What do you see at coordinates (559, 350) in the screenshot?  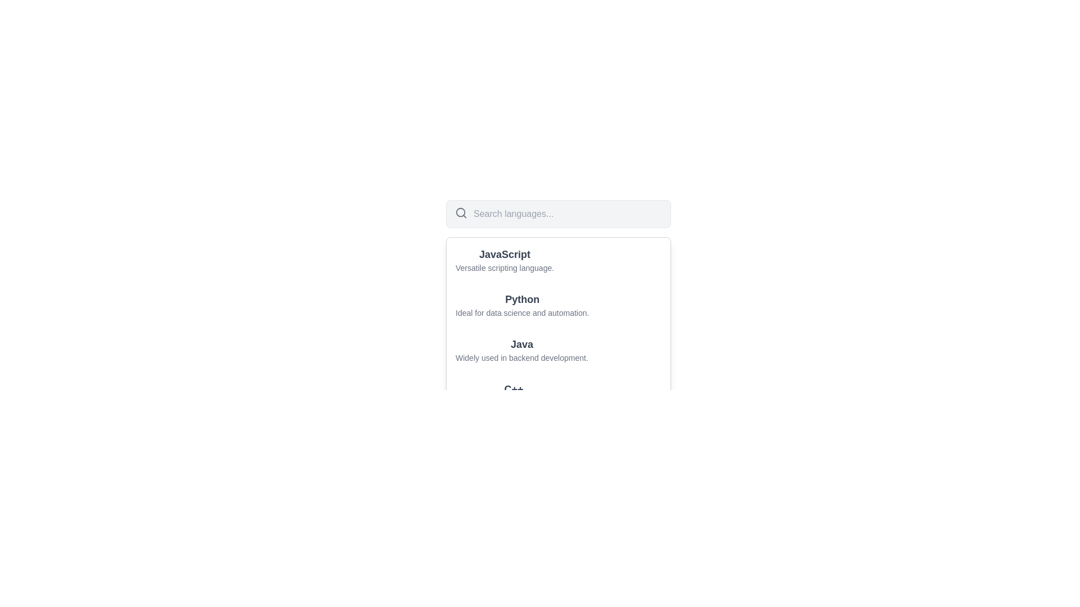 I see `the text block displaying 'Java' and its description 'Widely used in backend development.', which is the third item in the vertical list of programming languages` at bounding box center [559, 350].